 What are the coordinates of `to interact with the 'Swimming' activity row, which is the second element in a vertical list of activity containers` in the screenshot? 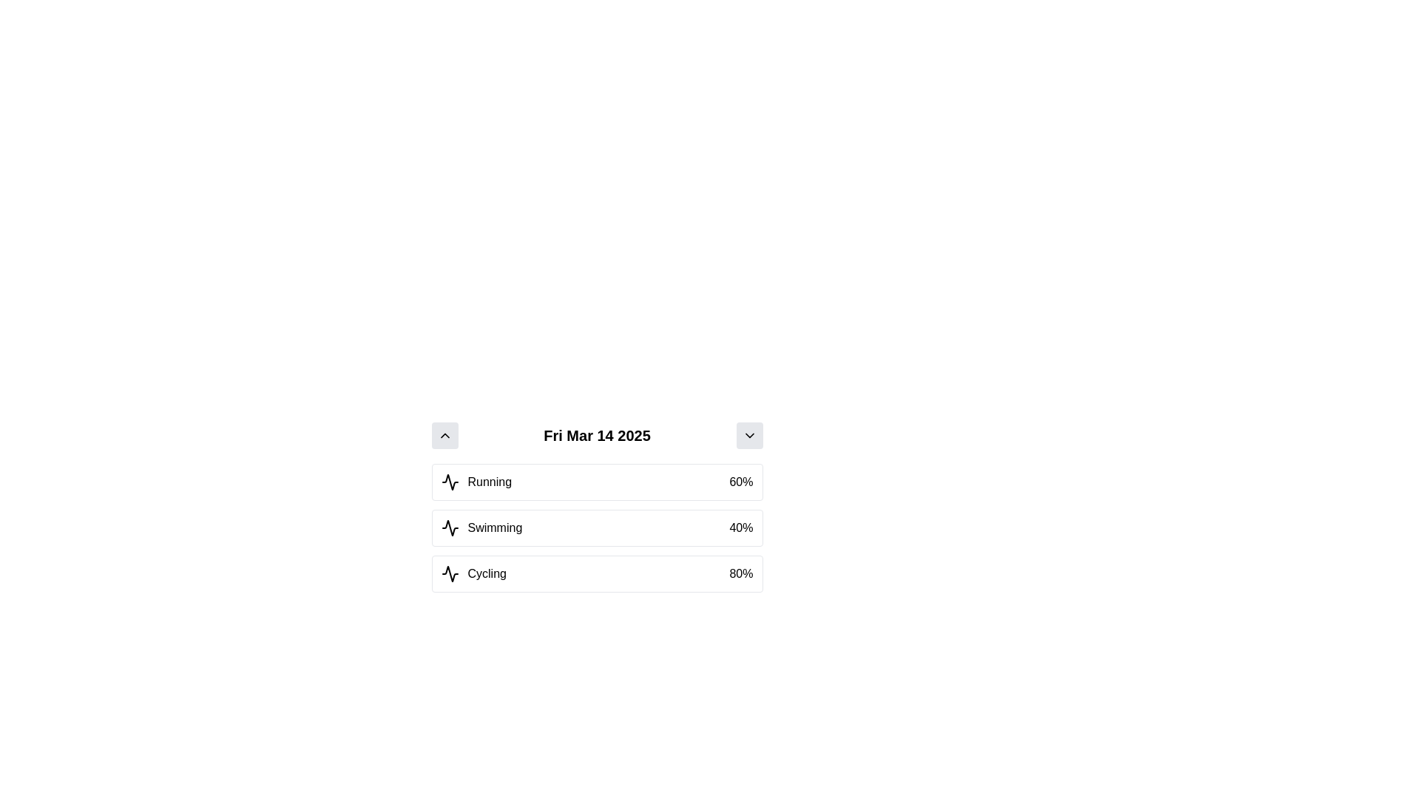 It's located at (597, 527).